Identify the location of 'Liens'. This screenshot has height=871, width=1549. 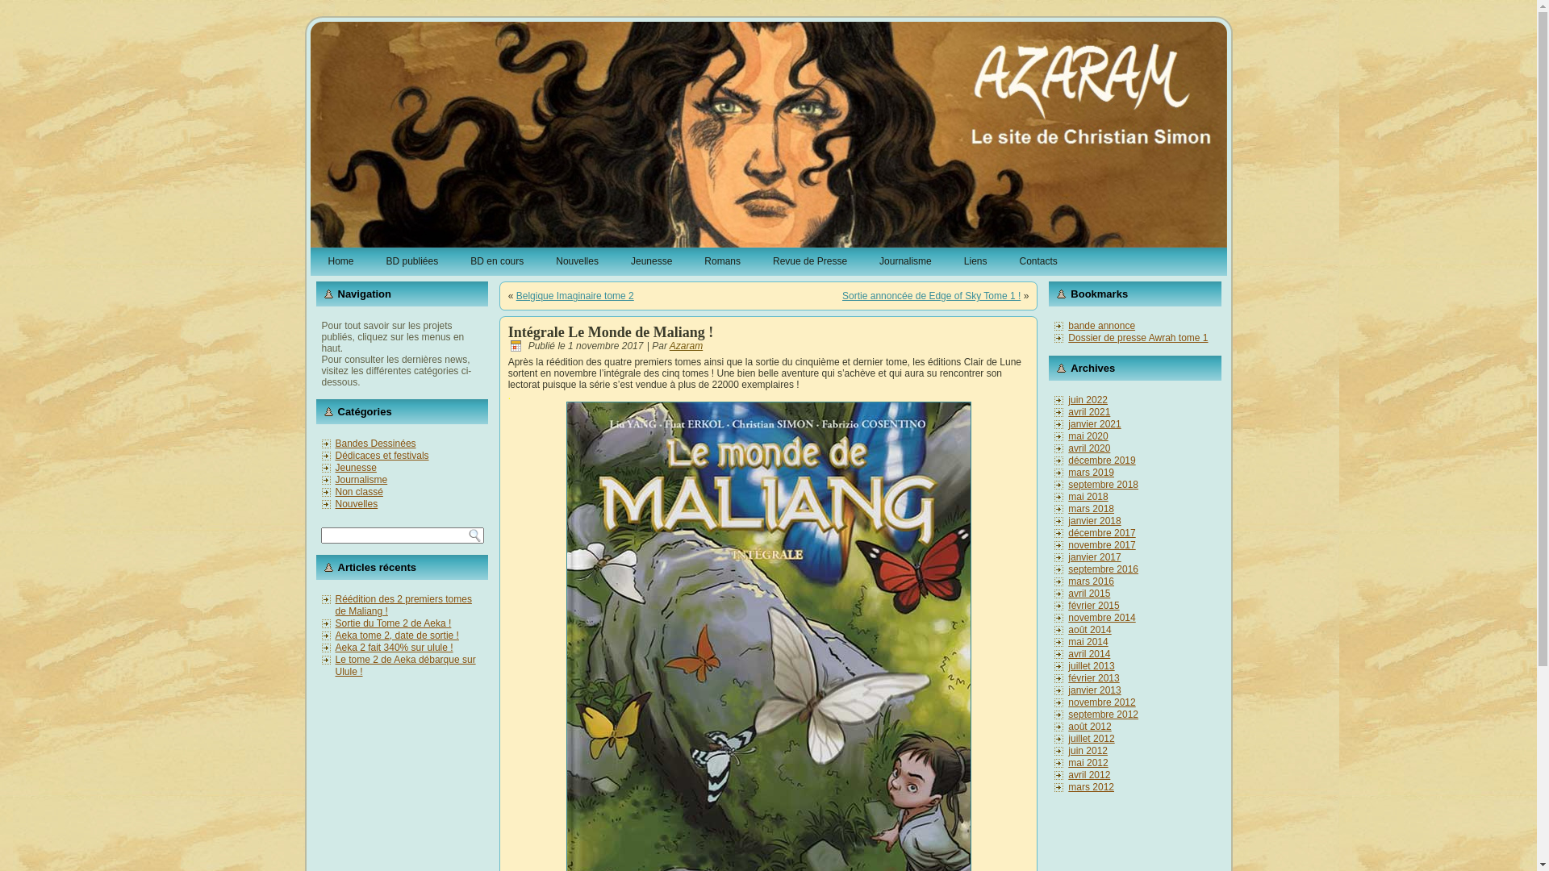
(975, 260).